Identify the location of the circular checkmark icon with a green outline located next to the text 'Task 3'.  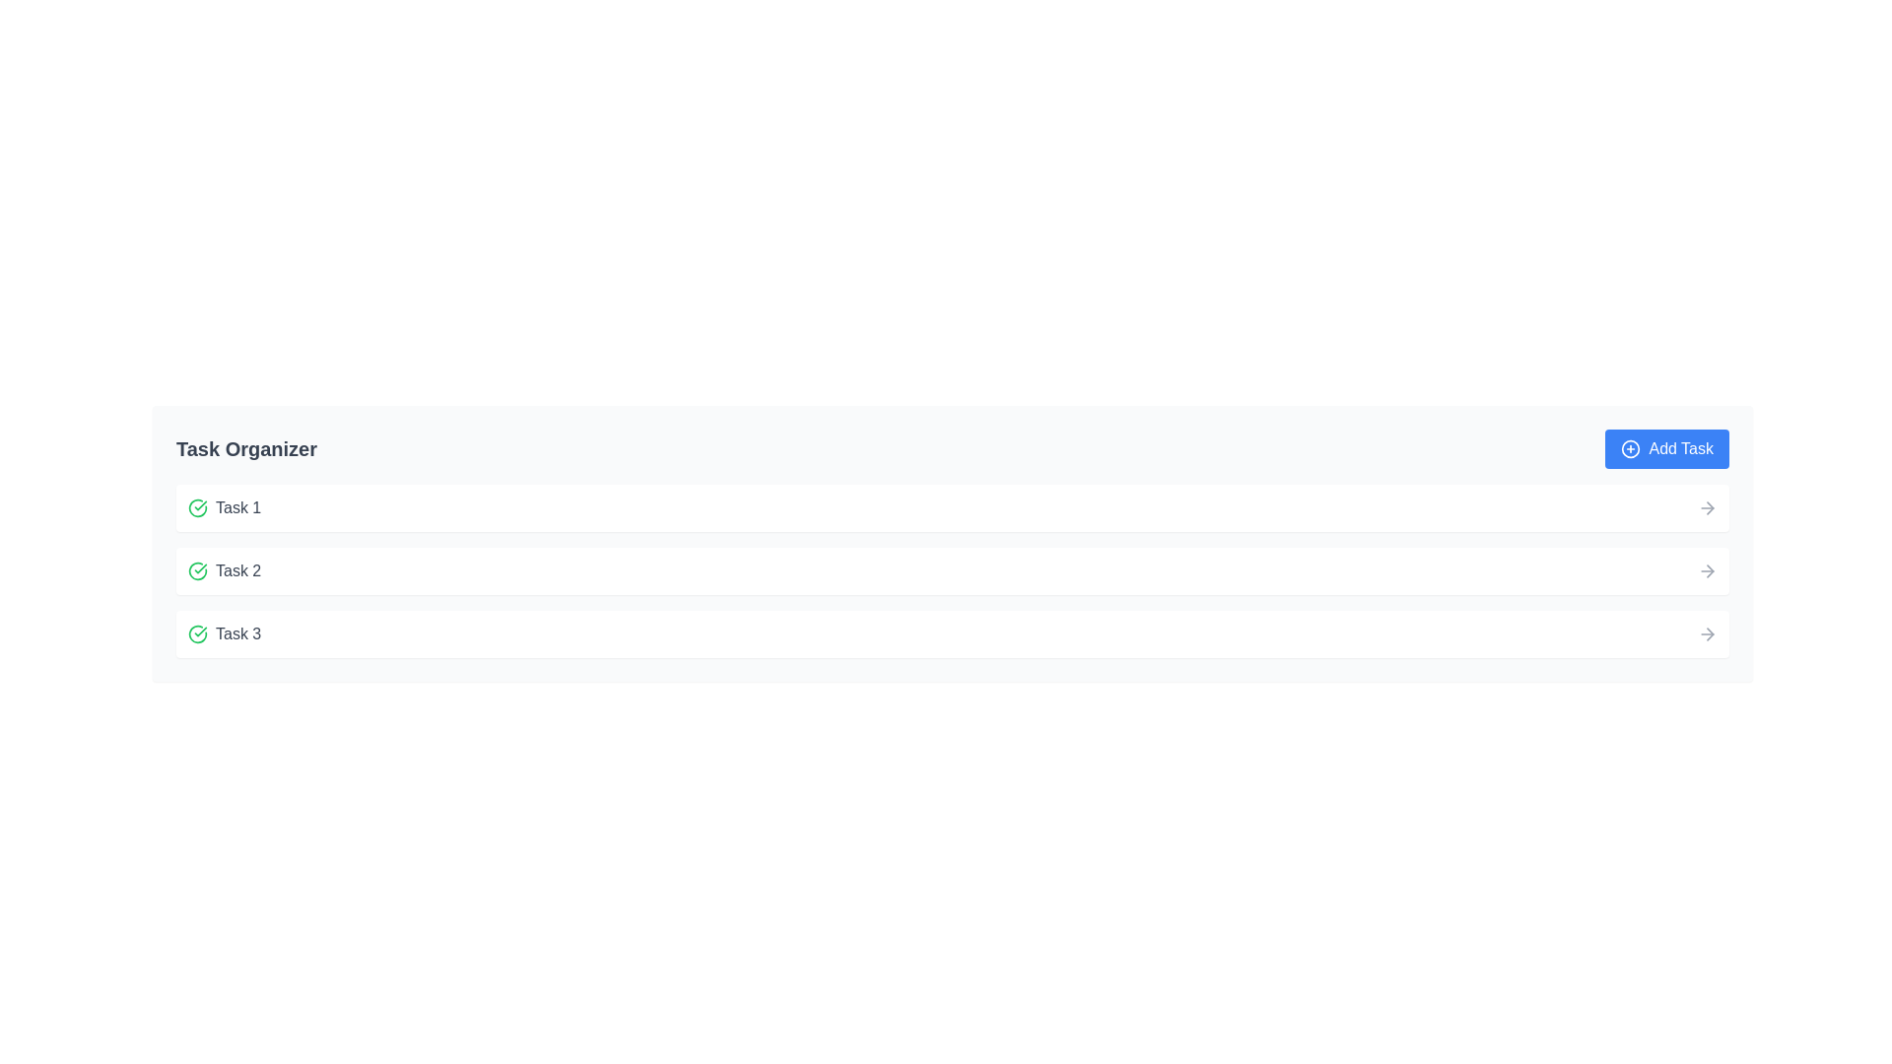
(198, 634).